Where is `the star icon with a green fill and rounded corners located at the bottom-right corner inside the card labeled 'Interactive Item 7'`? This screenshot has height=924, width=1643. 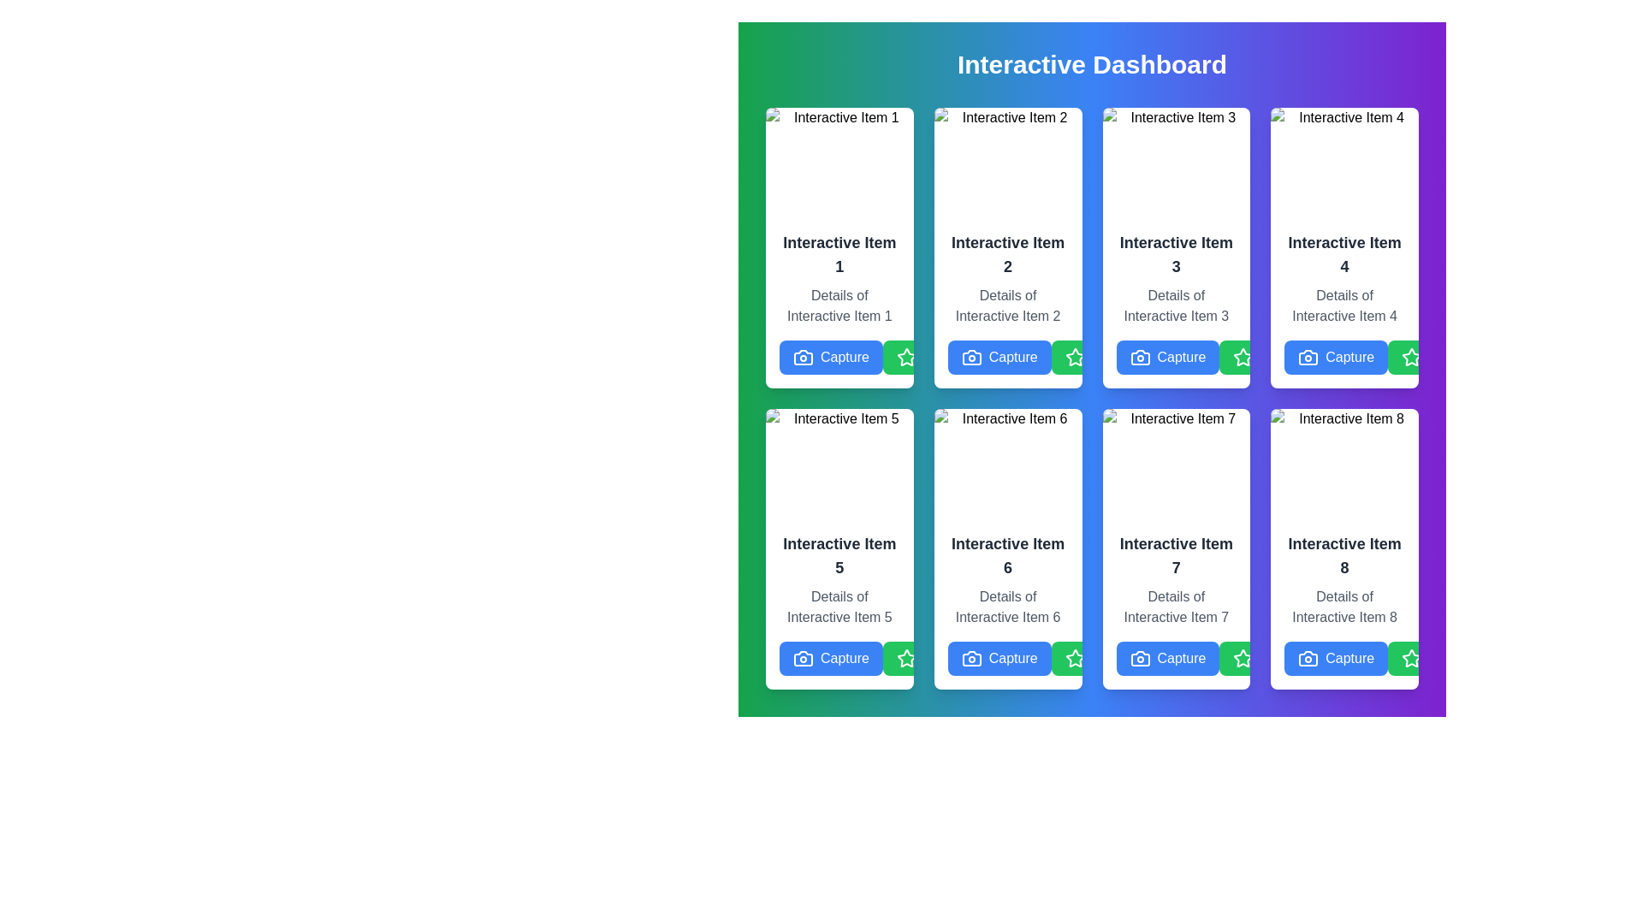
the star icon with a green fill and rounded corners located at the bottom-right corner inside the card labeled 'Interactive Item 7' is located at coordinates (1243, 657).